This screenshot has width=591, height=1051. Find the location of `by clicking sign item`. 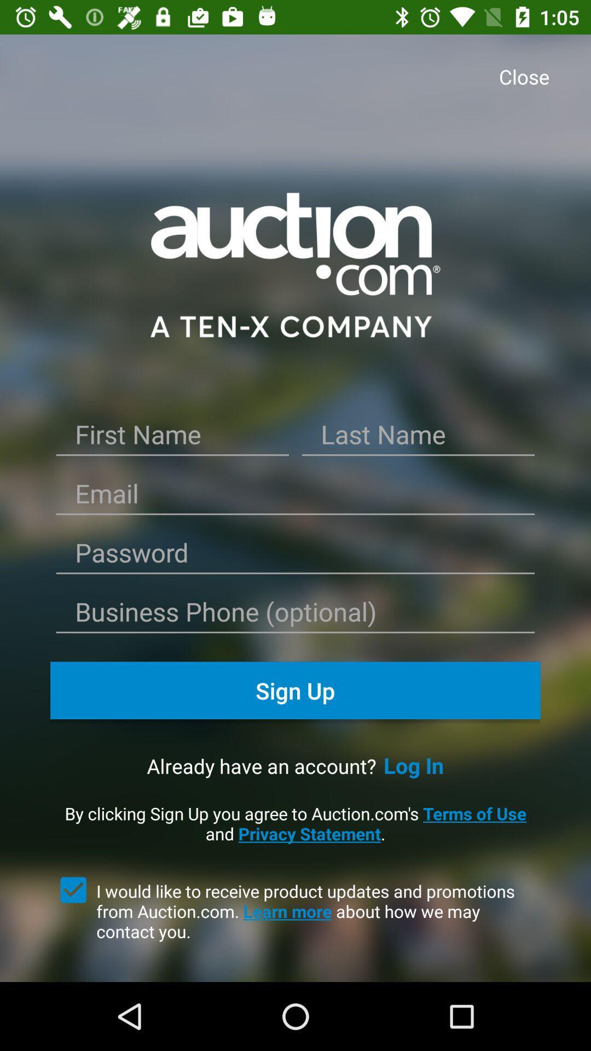

by clicking sign item is located at coordinates (296, 823).